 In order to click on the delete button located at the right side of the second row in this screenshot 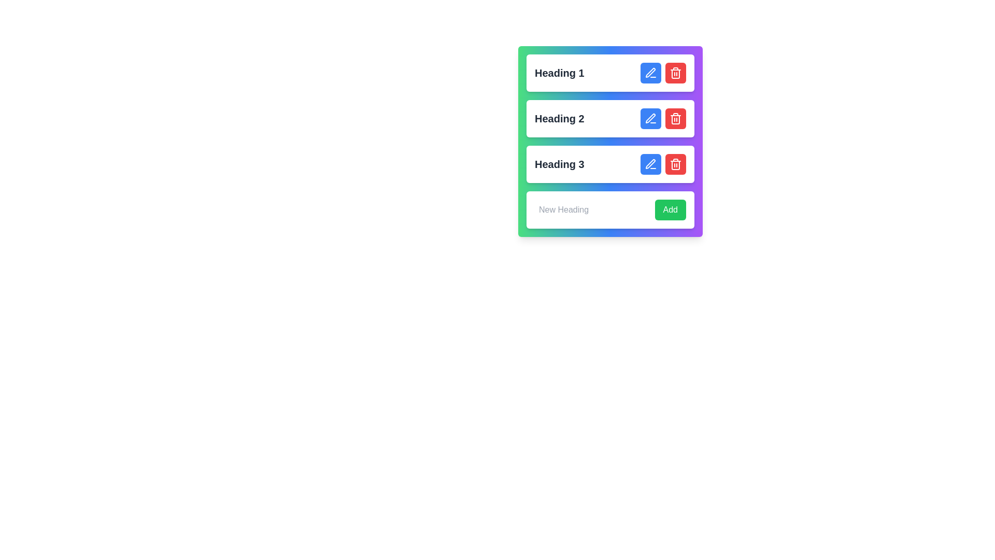, I will do `click(676, 118)`.